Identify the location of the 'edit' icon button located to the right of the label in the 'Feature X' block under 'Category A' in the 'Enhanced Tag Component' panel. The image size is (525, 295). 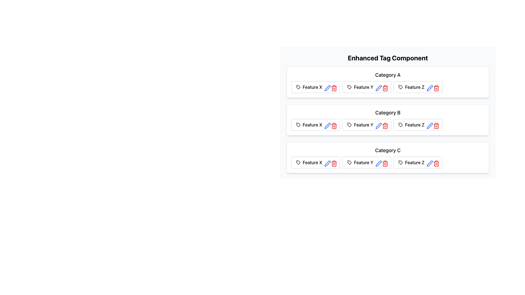
(328, 88).